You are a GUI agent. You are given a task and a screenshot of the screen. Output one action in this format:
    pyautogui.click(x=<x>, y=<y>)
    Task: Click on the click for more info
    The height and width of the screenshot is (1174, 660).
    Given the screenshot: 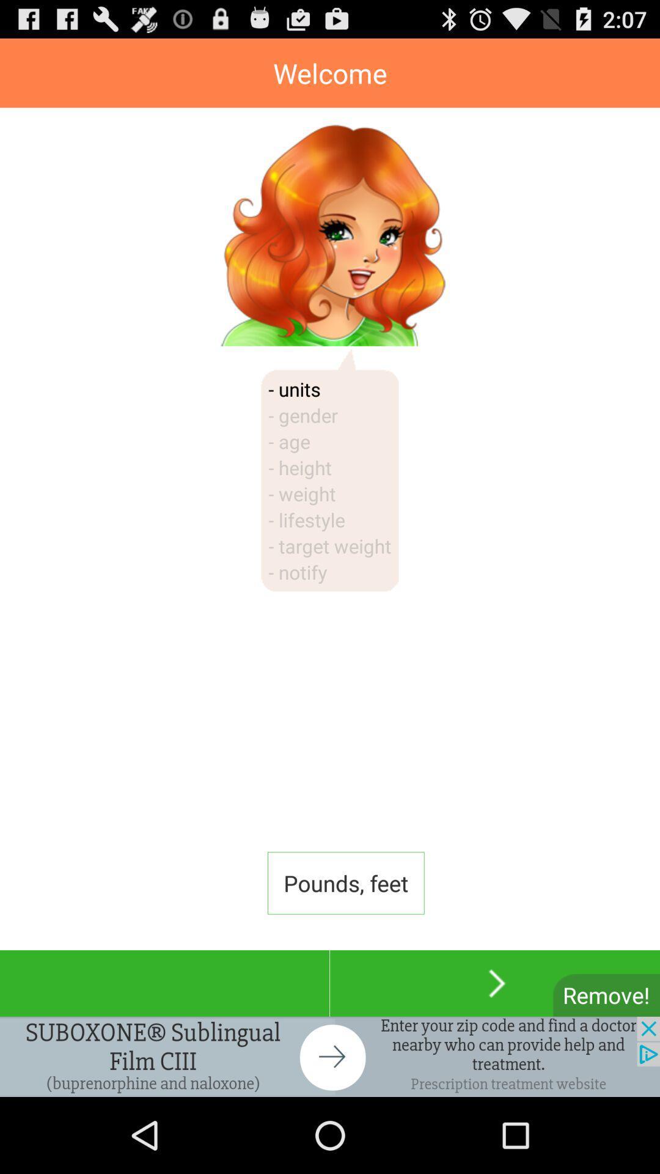 What is the action you would take?
    pyautogui.click(x=330, y=1056)
    